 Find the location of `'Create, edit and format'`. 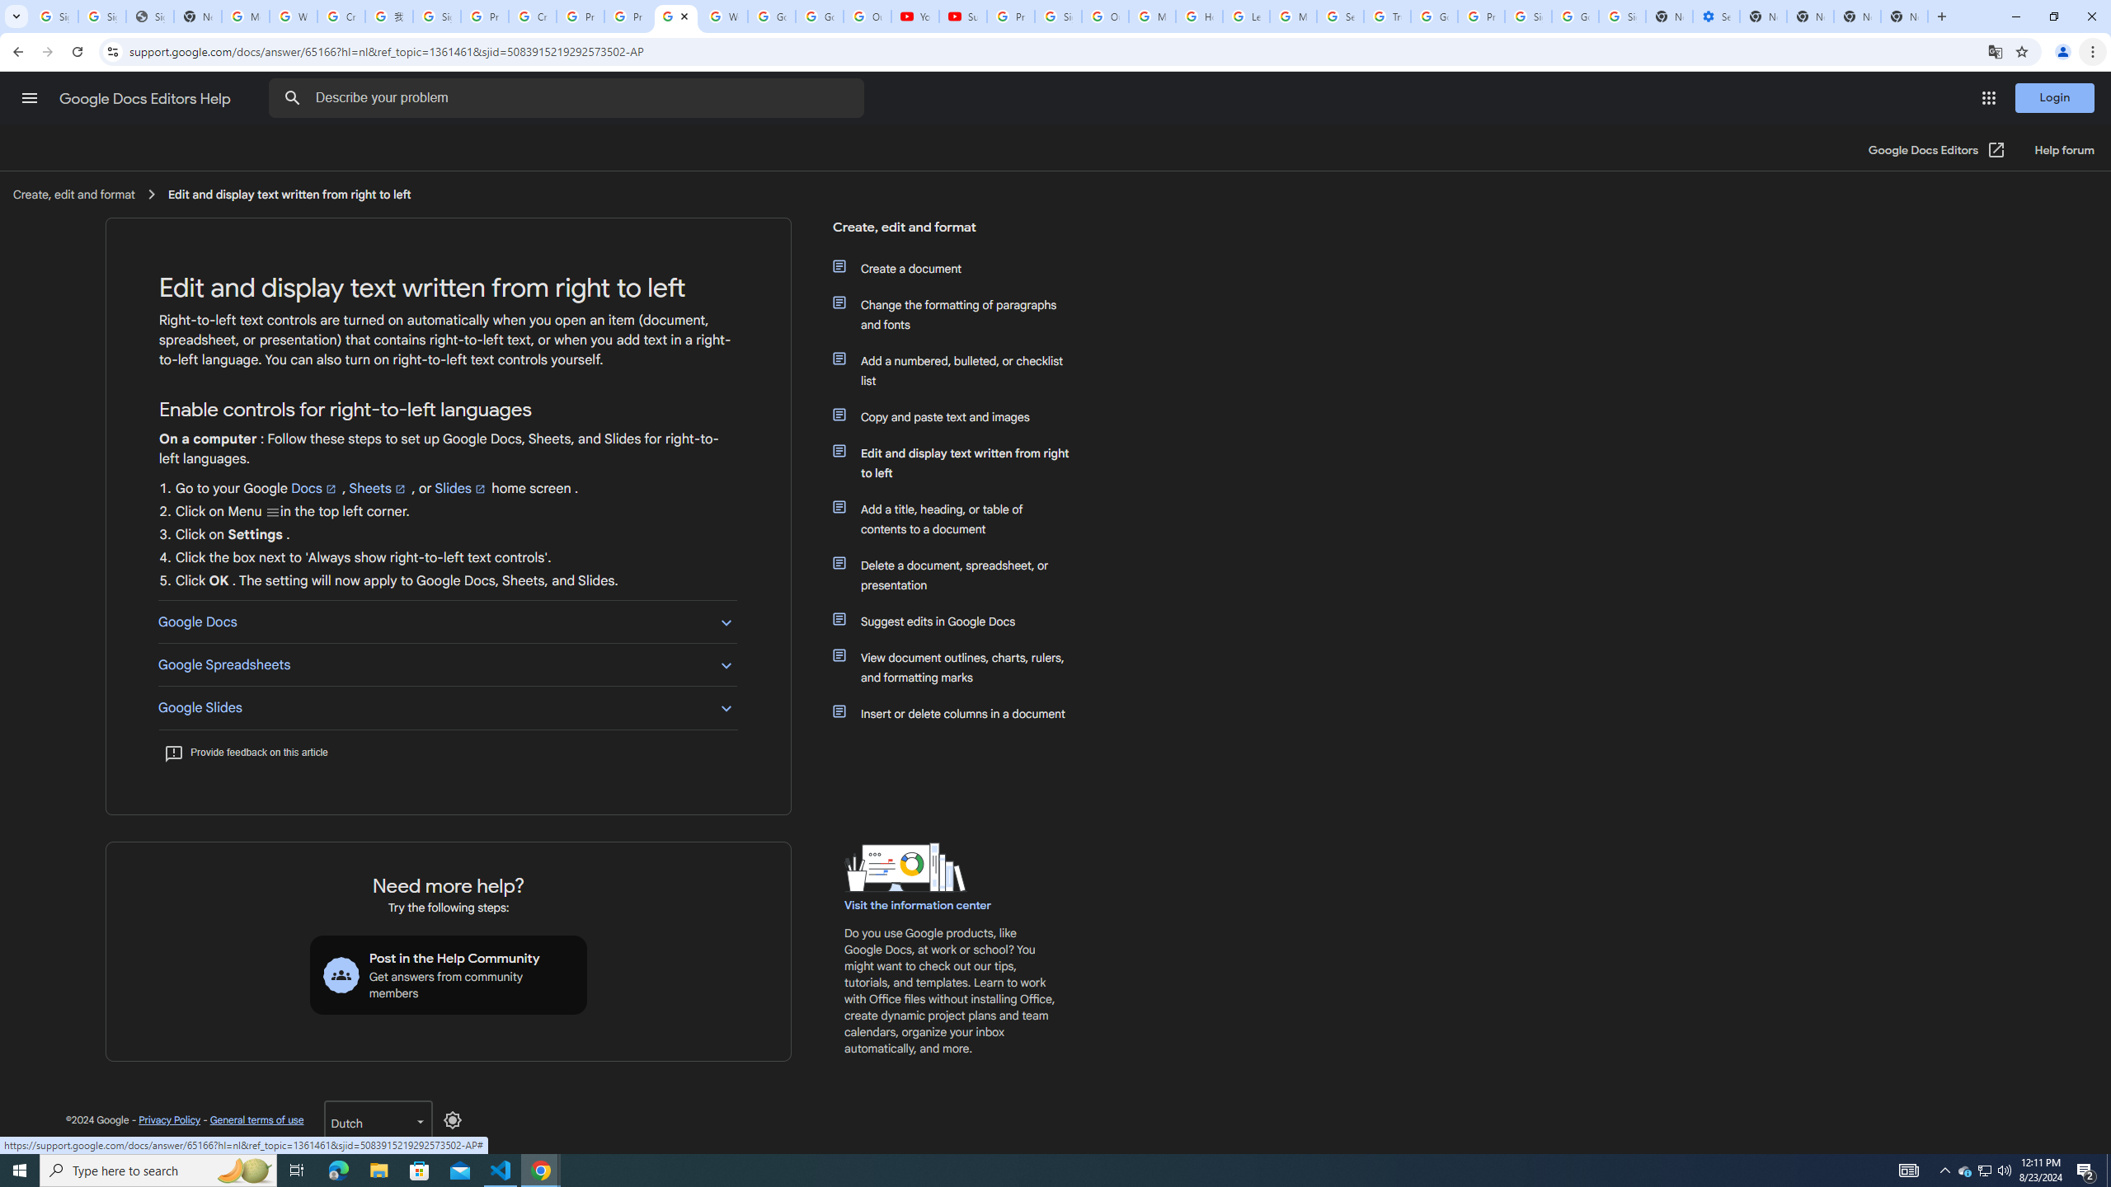

'Create, edit and format' is located at coordinates (951, 233).